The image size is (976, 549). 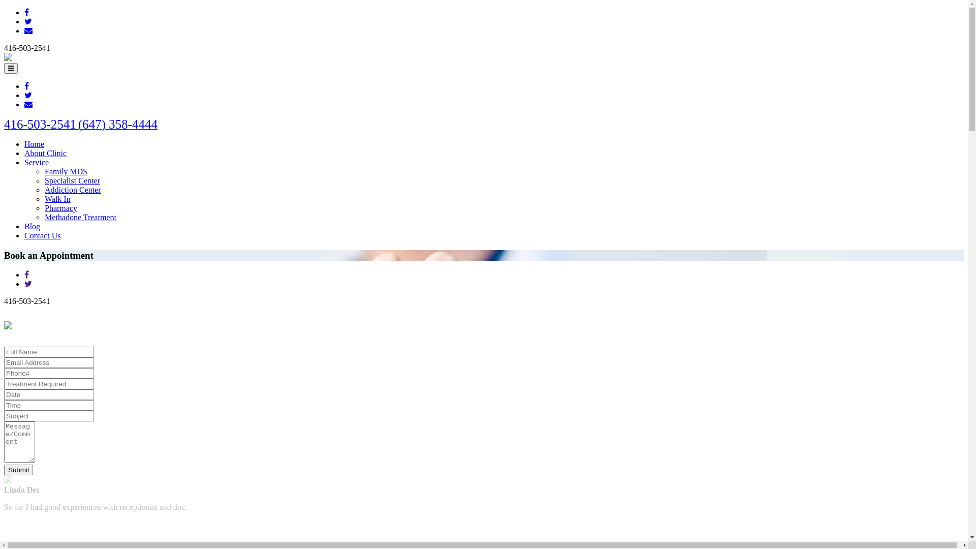 What do you see at coordinates (24, 153) in the screenshot?
I see `'About Clinic'` at bounding box center [24, 153].